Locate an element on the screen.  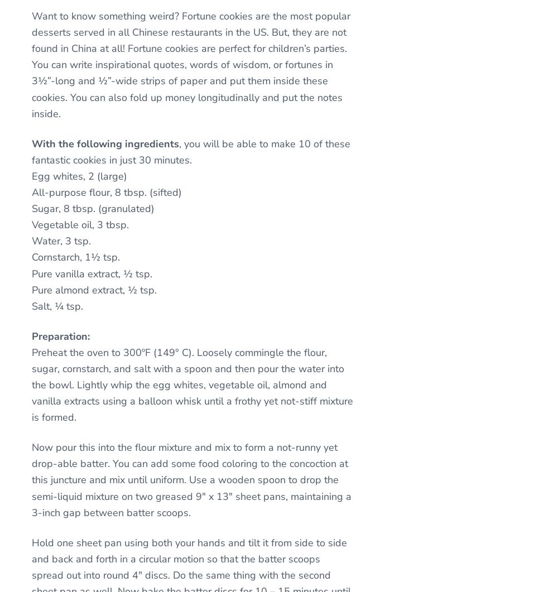
'Preheat the oven to 300ºF (149° C). Loosely commingle the flour, sugar, cornstarch, and salt with a spoon and then pour the water into the bowl. Lightly whip the egg whites, vegetable oil, almond and vanilla extracts using a balloon whisk until a frothy yet not-stiff mixture is formed.' is located at coordinates (191, 384).